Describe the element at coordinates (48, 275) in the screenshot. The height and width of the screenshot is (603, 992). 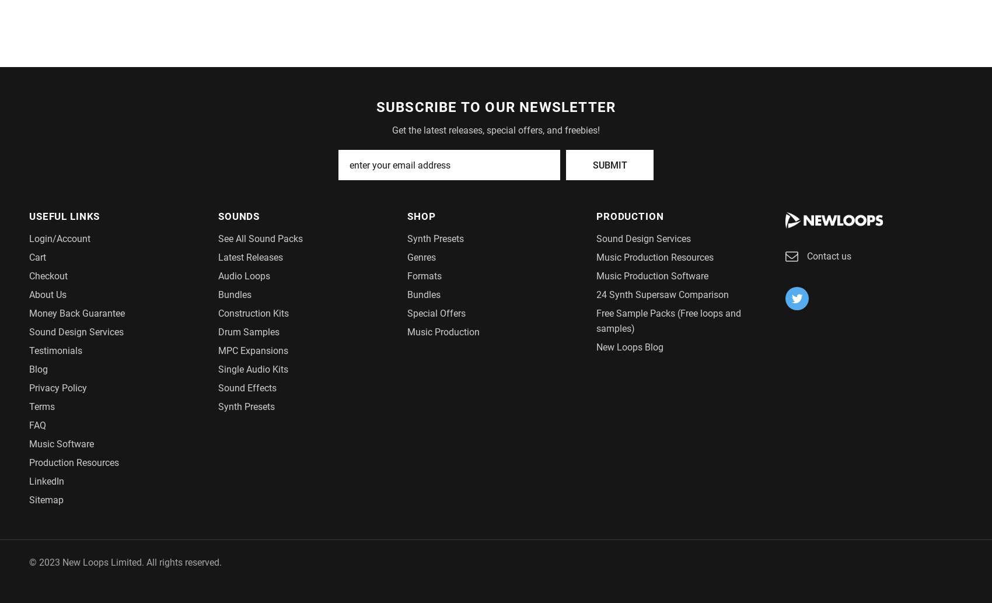
I see `'Checkout'` at that location.